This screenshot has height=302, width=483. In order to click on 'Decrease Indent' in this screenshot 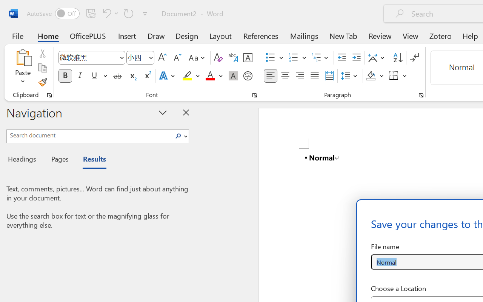, I will do `click(341, 58)`.